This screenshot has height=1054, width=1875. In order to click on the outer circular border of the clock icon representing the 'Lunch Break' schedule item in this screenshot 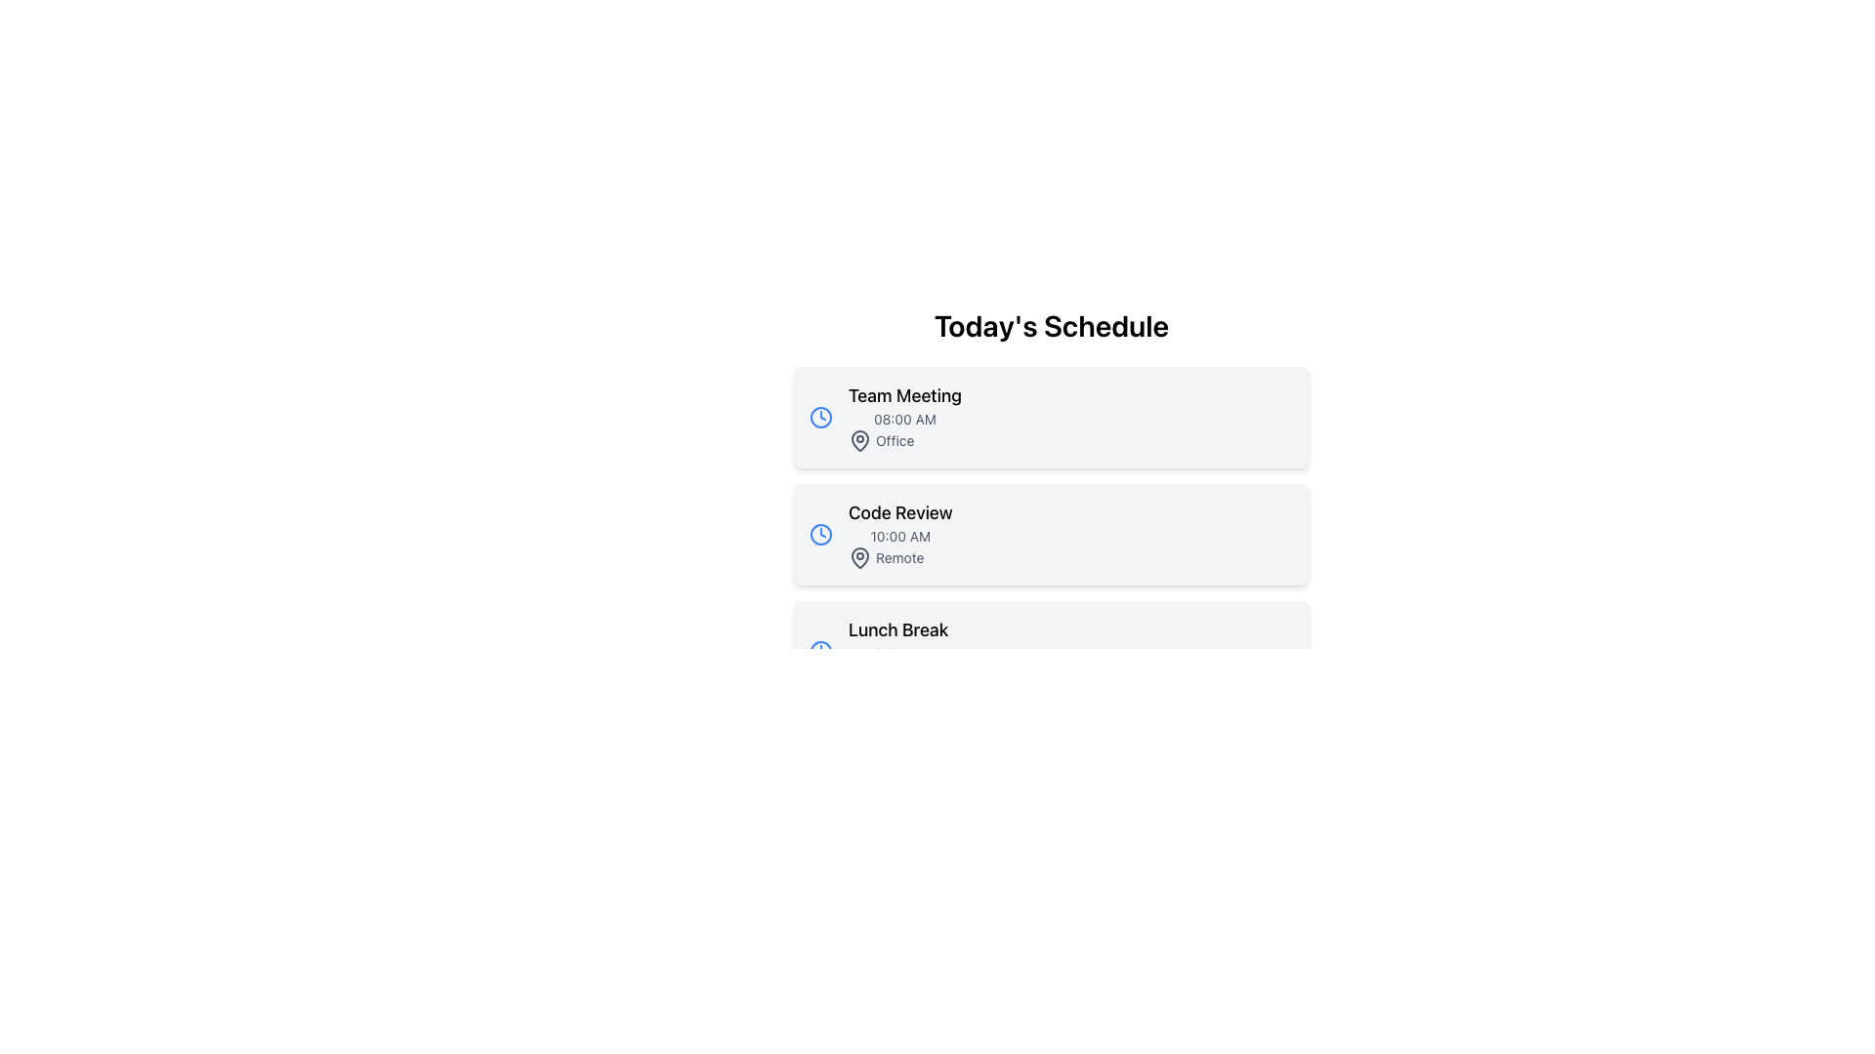, I will do `click(820, 651)`.